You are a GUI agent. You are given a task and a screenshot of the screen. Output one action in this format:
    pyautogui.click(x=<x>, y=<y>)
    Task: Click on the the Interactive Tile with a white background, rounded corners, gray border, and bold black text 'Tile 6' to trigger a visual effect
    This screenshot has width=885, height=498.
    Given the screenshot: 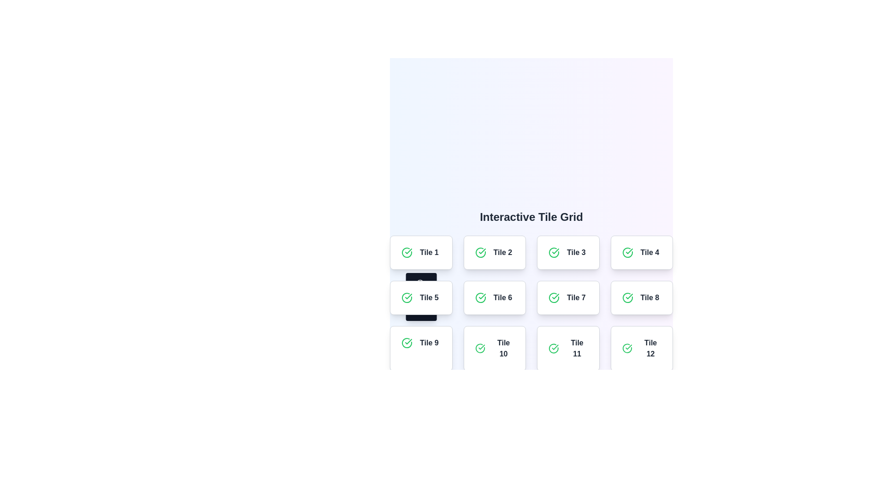 What is the action you would take?
    pyautogui.click(x=494, y=297)
    